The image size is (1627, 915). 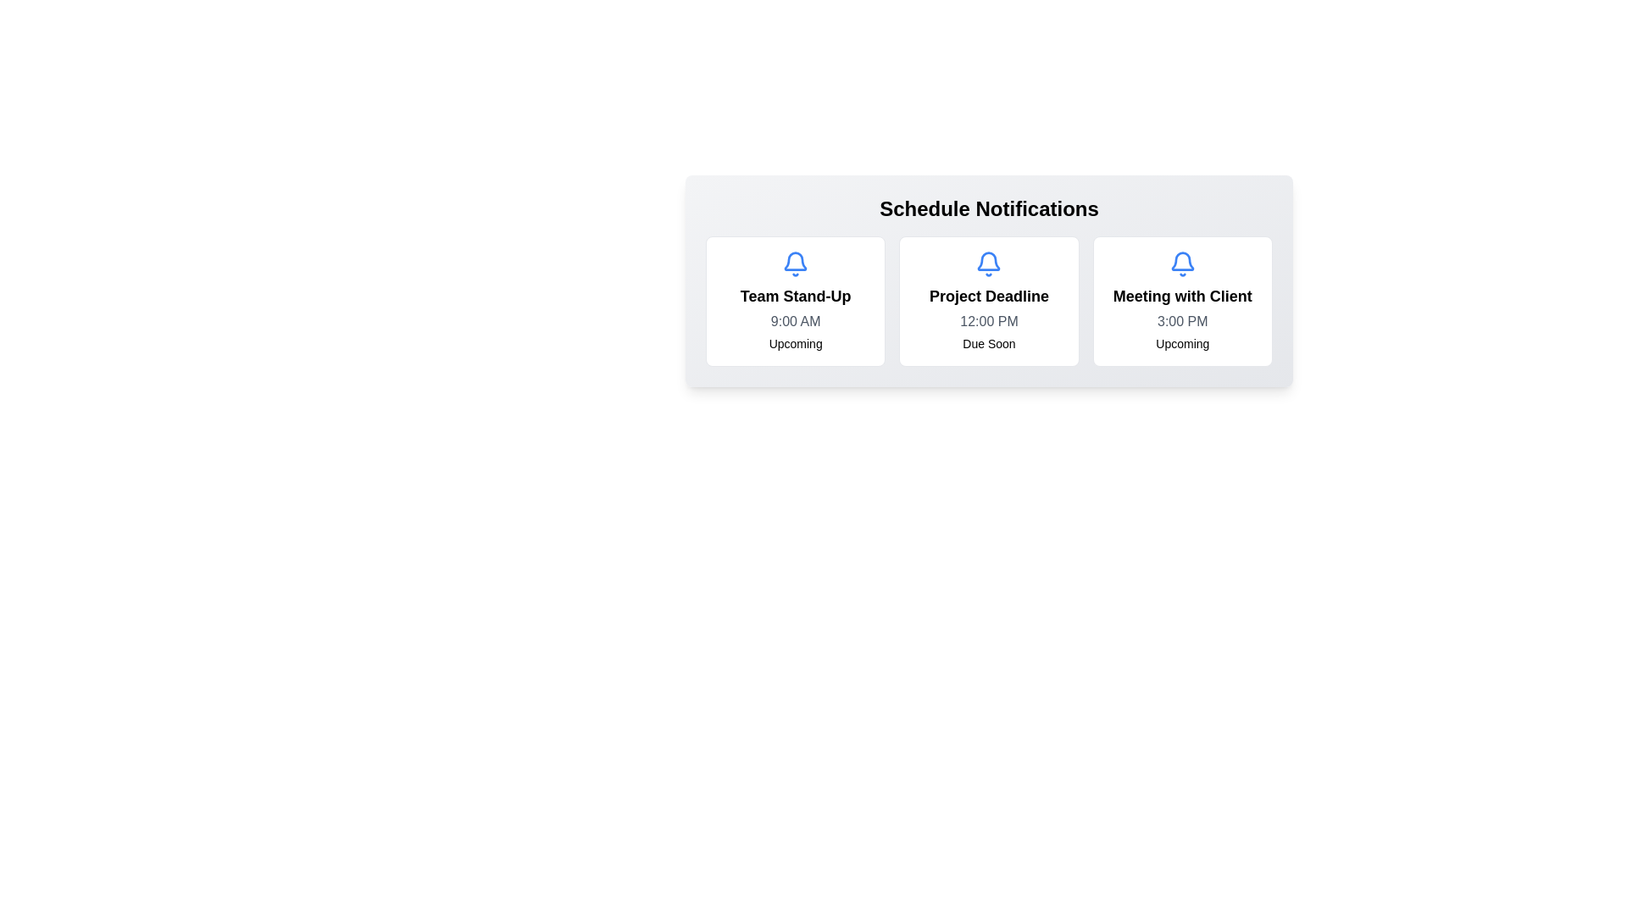 I want to click on details displayed on the card labeled 'Meeting with Client' which includes time '3:00 PM' and status 'Upcoming' in green, so click(x=1181, y=300).